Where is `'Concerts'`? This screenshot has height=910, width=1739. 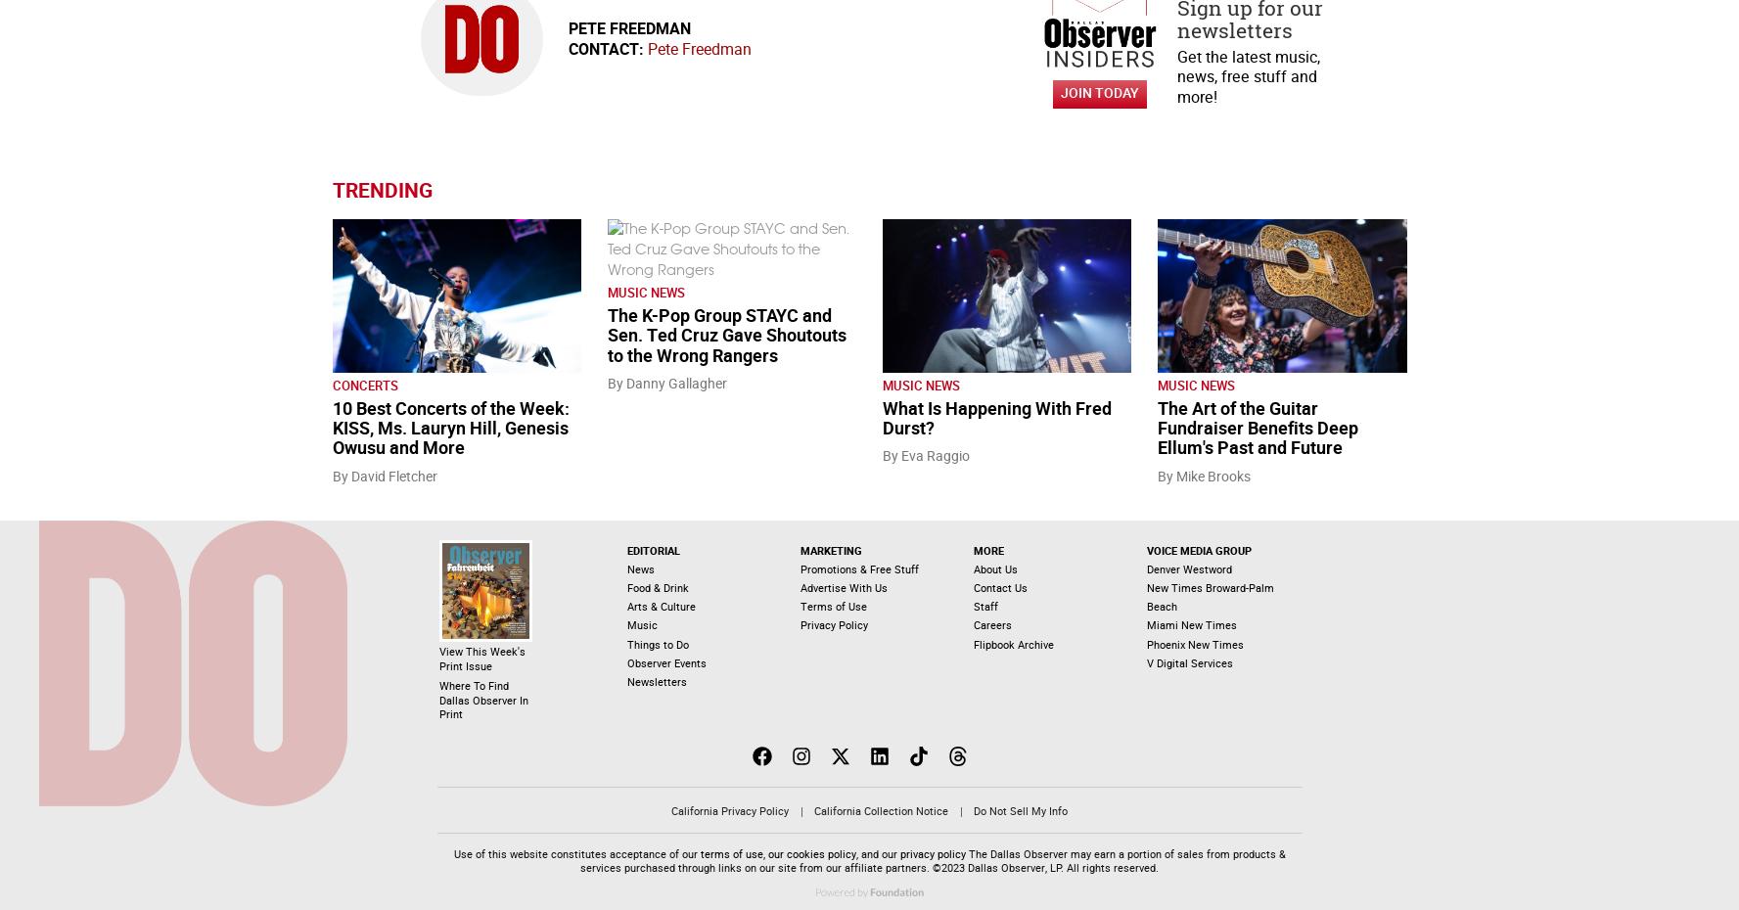 'Concerts' is located at coordinates (331, 386).